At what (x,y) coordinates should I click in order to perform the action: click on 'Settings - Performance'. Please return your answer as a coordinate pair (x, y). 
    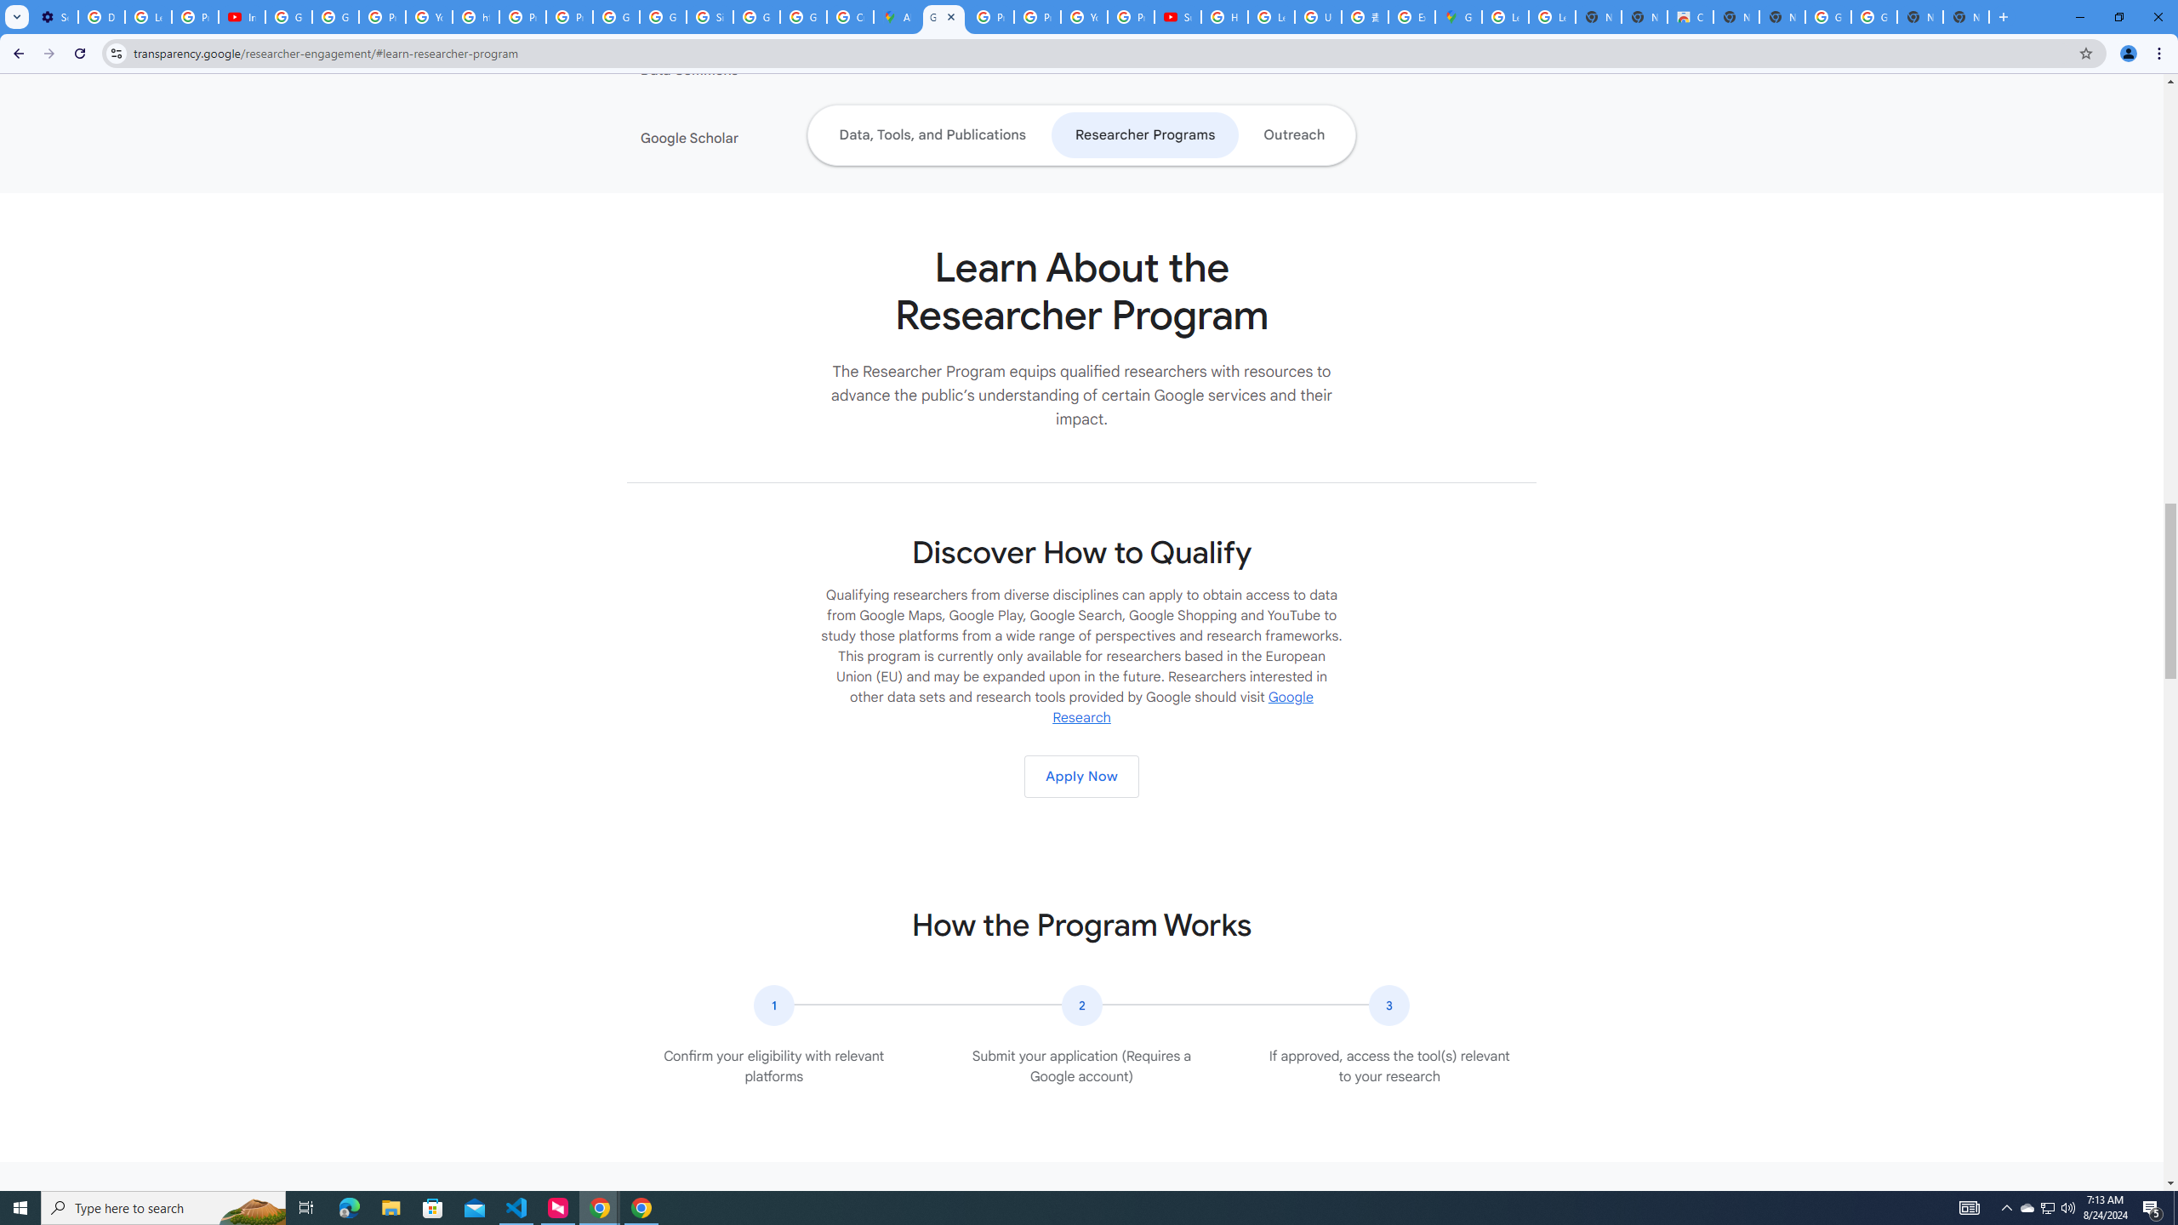
    Looking at the image, I should click on (54, 16).